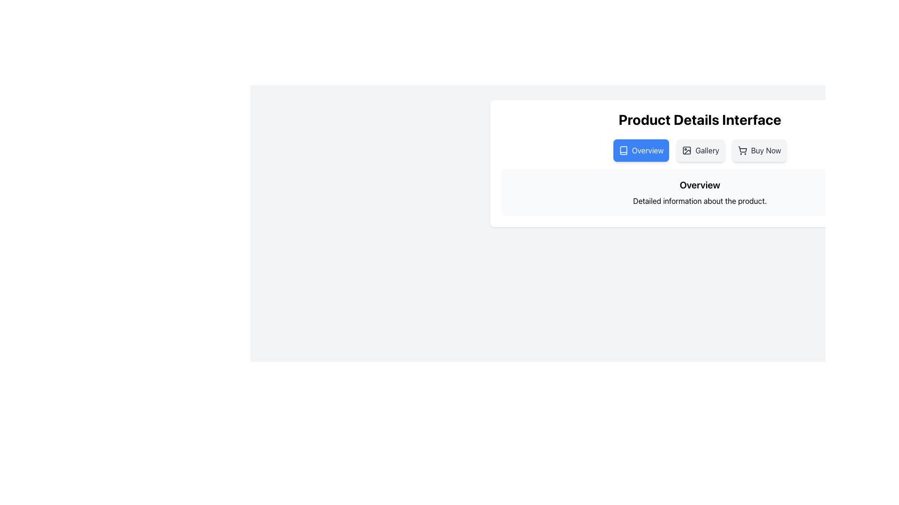 The image size is (899, 505). What do you see at coordinates (707, 150) in the screenshot?
I see `the navigation button with text and icon located between the 'Overview' button and the 'Buy Now' button below the 'Product Details Interface' header` at bounding box center [707, 150].